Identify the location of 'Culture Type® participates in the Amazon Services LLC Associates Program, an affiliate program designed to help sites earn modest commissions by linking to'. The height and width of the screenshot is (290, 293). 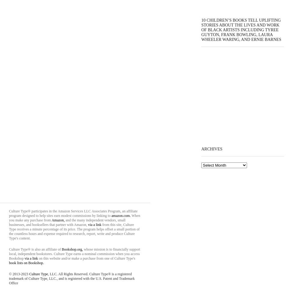
(73, 213).